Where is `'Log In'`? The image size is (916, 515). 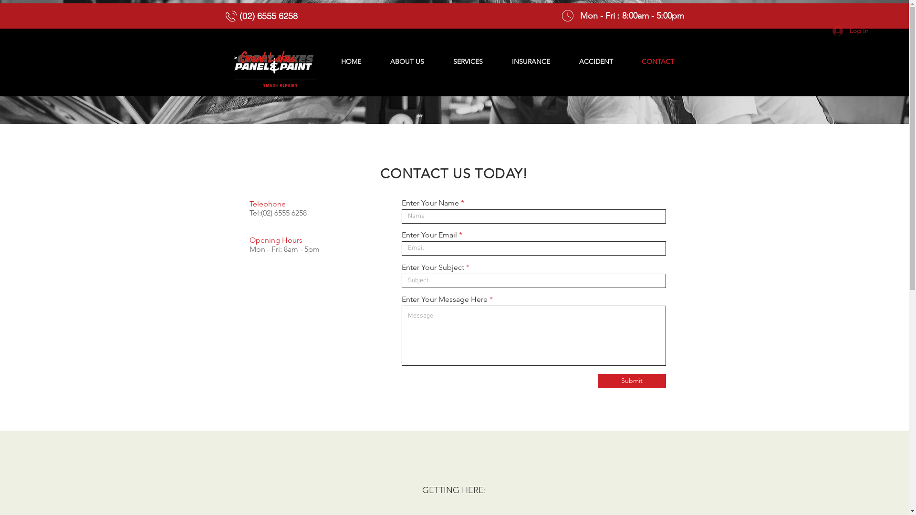
'Log In' is located at coordinates (850, 31).